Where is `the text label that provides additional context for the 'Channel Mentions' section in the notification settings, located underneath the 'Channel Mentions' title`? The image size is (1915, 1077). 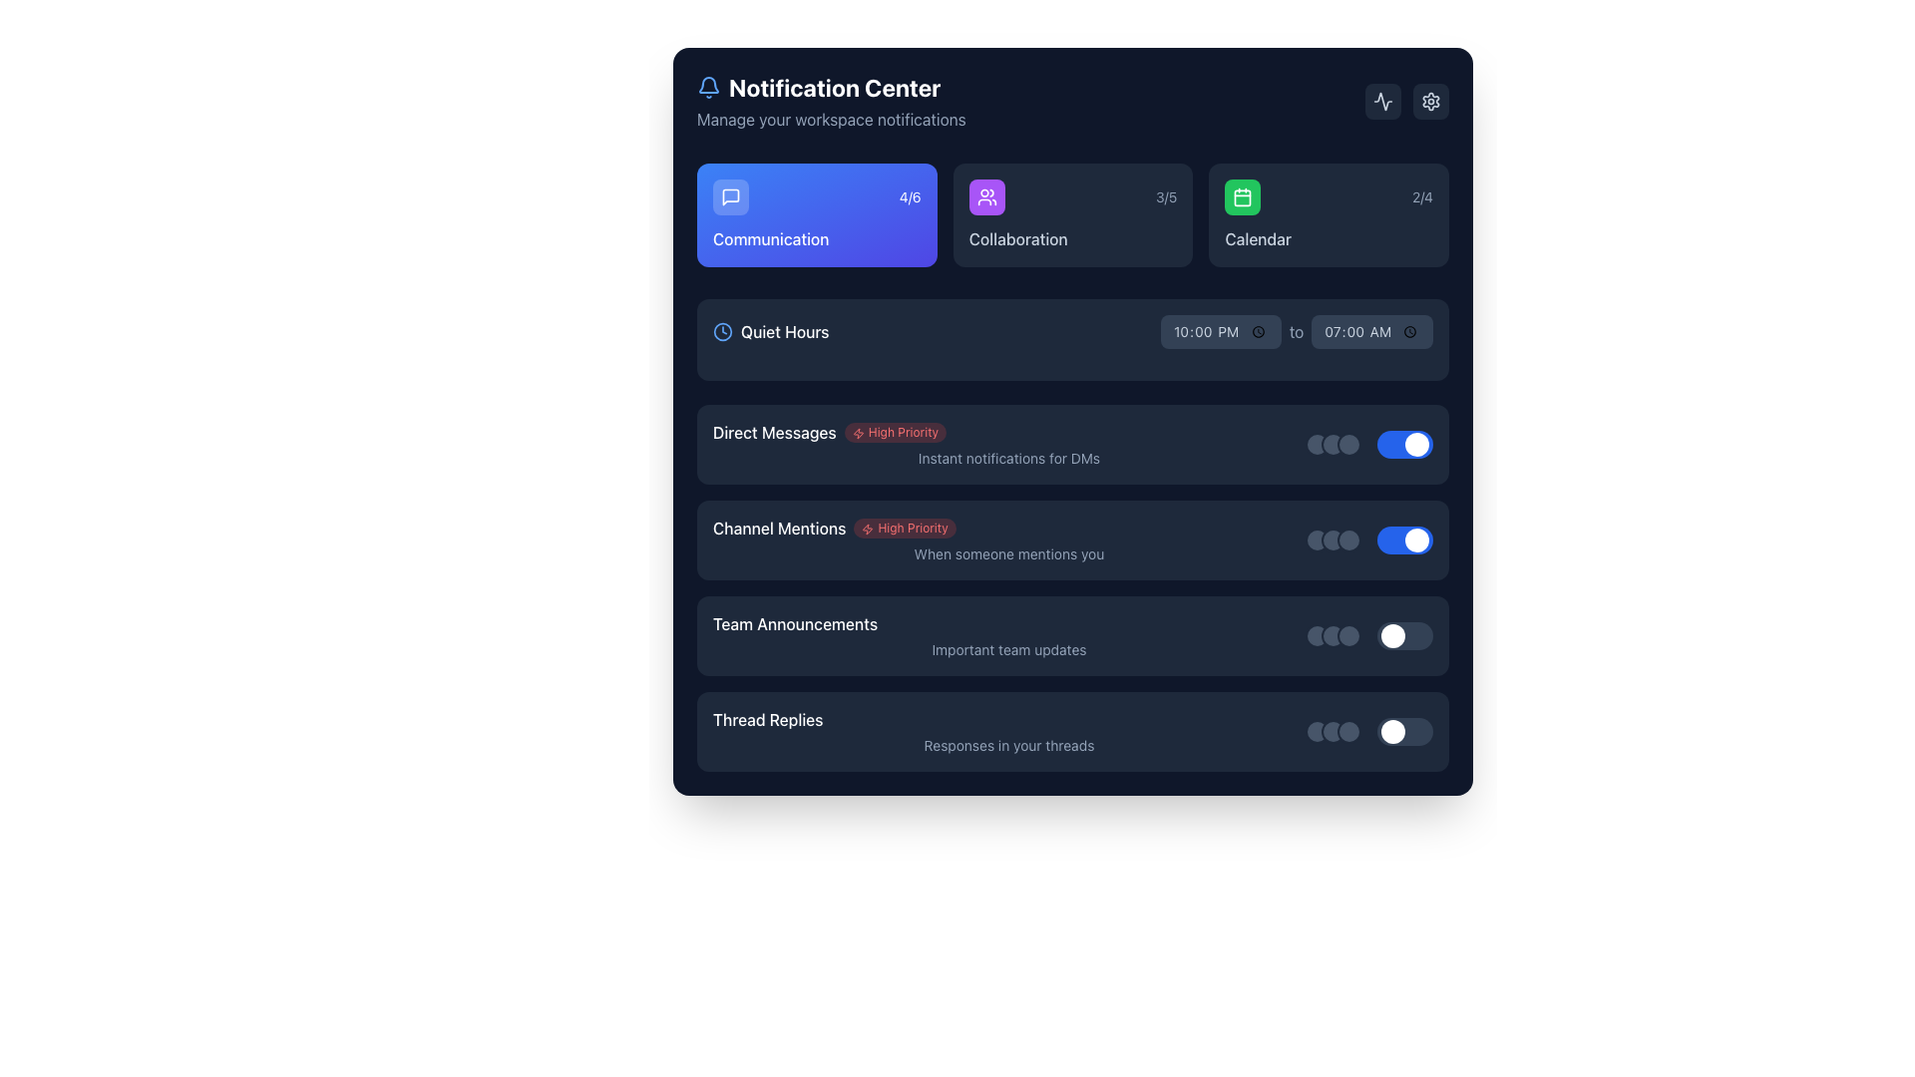 the text label that provides additional context for the 'Channel Mentions' section in the notification settings, located underneath the 'Channel Mentions' title is located at coordinates (1009, 553).